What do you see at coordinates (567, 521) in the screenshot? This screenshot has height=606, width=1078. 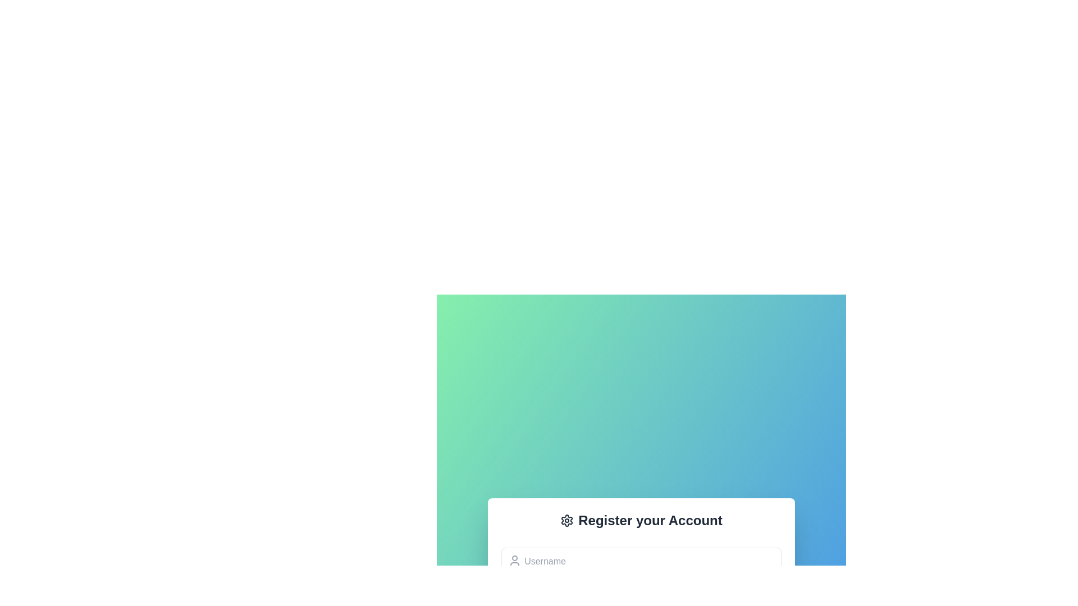 I see `the gear icon, which is a minimalist design element located at the top-left of the dialog box containing the 'Register your Account' header` at bounding box center [567, 521].